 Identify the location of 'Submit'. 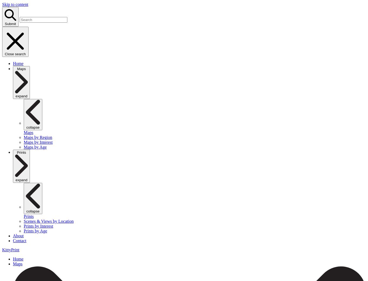
(10, 23).